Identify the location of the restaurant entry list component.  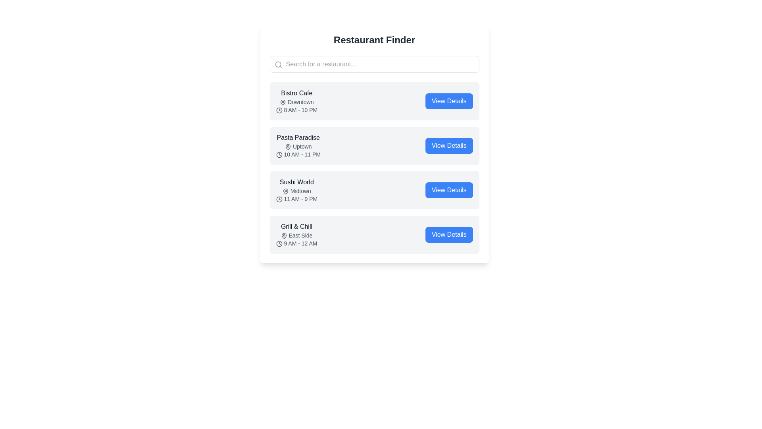
(374, 168).